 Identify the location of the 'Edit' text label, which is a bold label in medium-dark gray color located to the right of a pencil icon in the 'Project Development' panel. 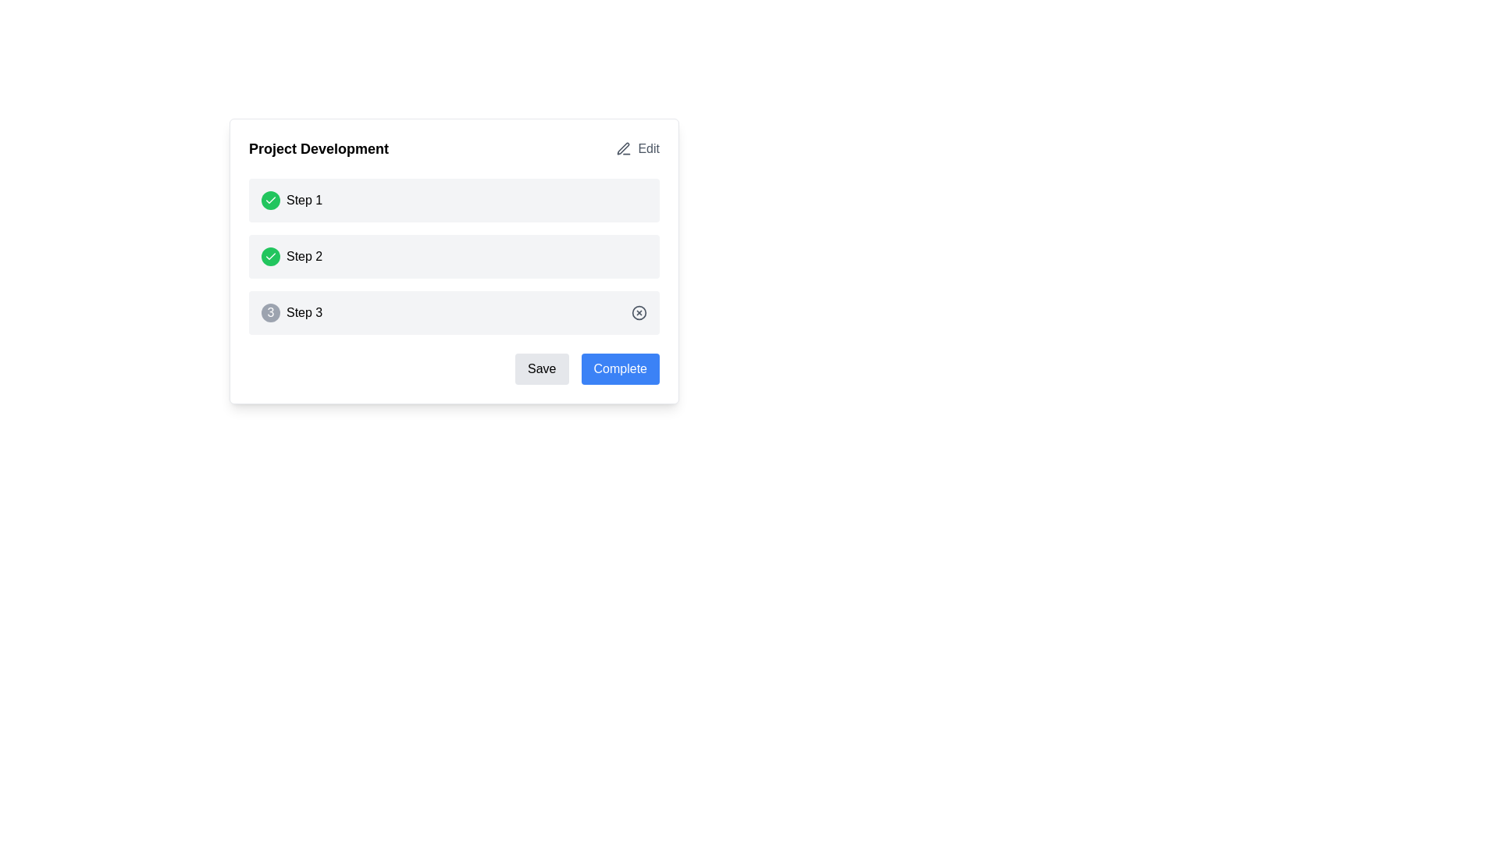
(649, 149).